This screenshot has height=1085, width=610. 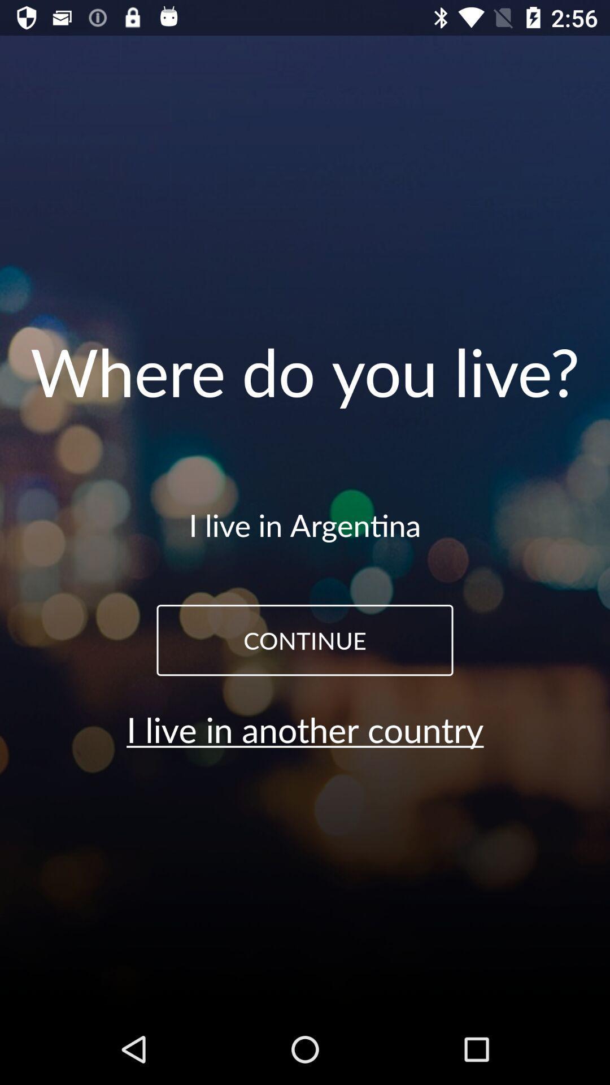 What do you see at coordinates (305, 640) in the screenshot?
I see `icon below the i live in` at bounding box center [305, 640].